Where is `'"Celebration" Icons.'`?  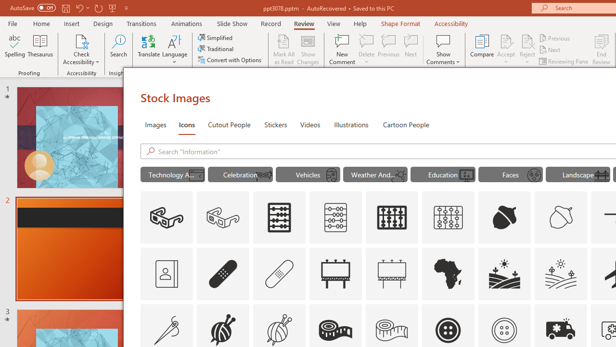 '"Celebration" Icons.' is located at coordinates (240, 174).